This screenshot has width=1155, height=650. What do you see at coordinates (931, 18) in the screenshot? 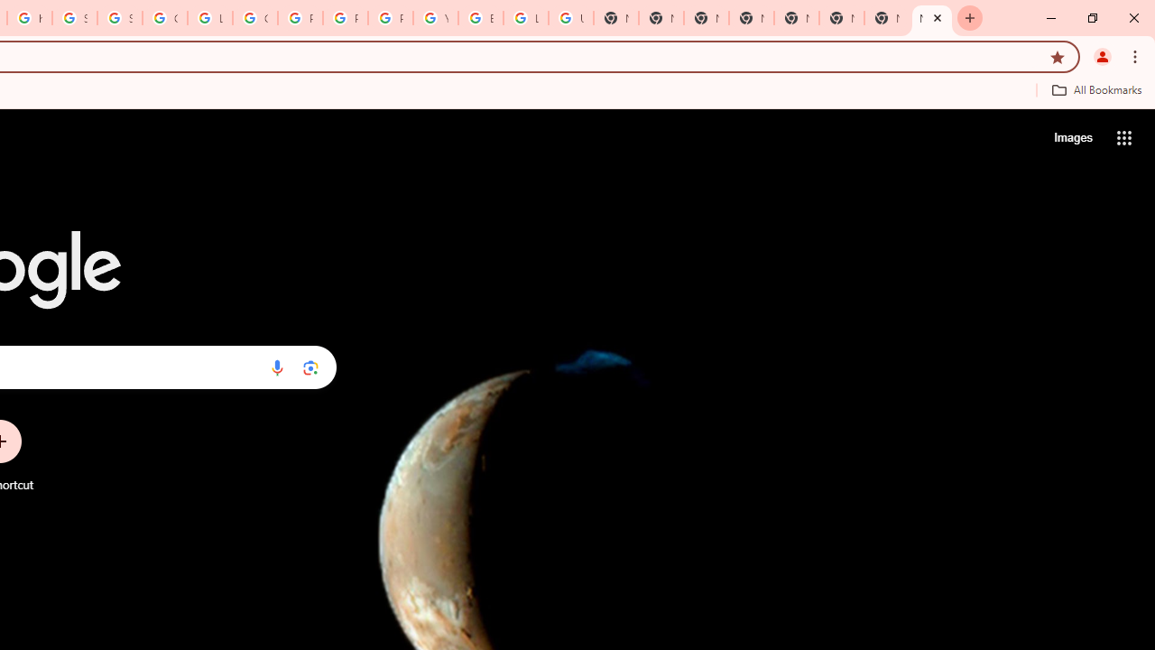
I see `'New Tab'` at bounding box center [931, 18].